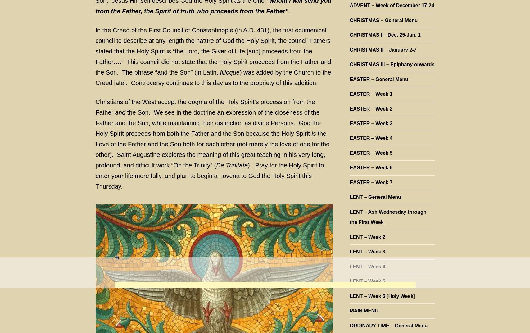 The height and width of the screenshot is (333, 530). What do you see at coordinates (378, 79) in the screenshot?
I see `'EASTER – General Menu'` at bounding box center [378, 79].